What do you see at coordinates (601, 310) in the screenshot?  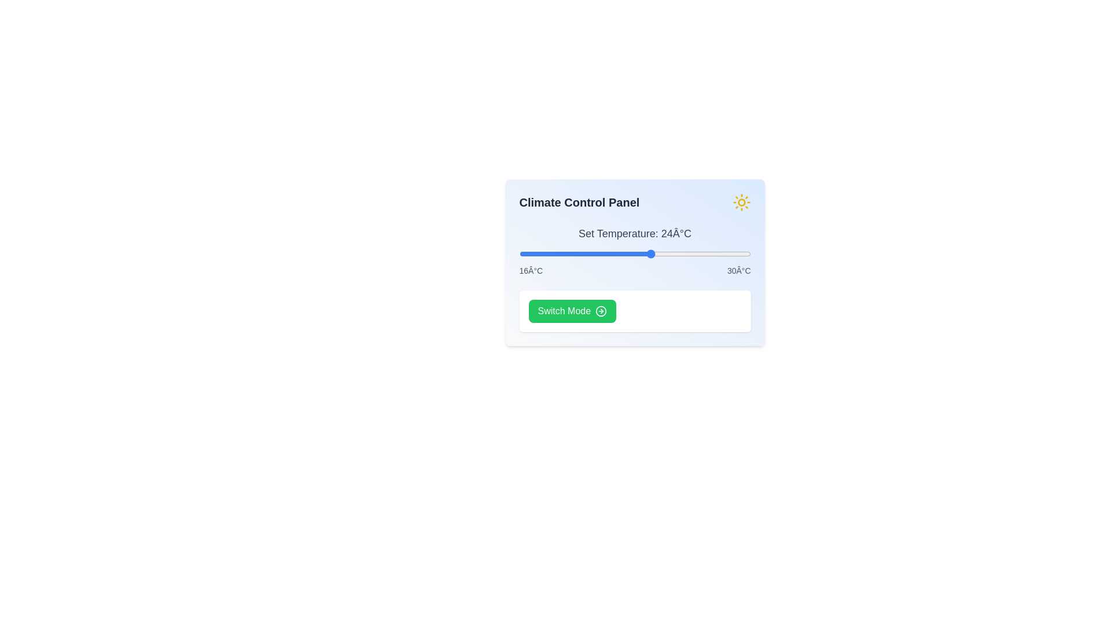 I see `the 'Switch Mode' button that contains the icon on the right side, which indicates a switch action` at bounding box center [601, 310].